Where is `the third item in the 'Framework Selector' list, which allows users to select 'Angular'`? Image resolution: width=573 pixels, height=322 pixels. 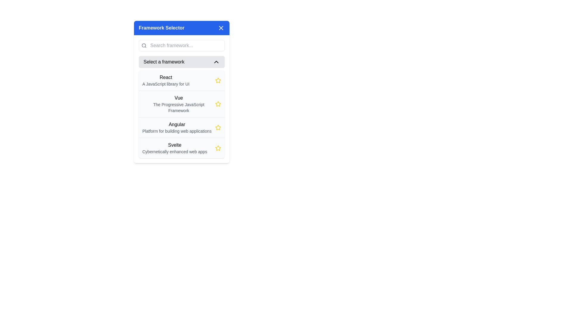 the third item in the 'Framework Selector' list, which allows users to select 'Angular' is located at coordinates (181, 127).